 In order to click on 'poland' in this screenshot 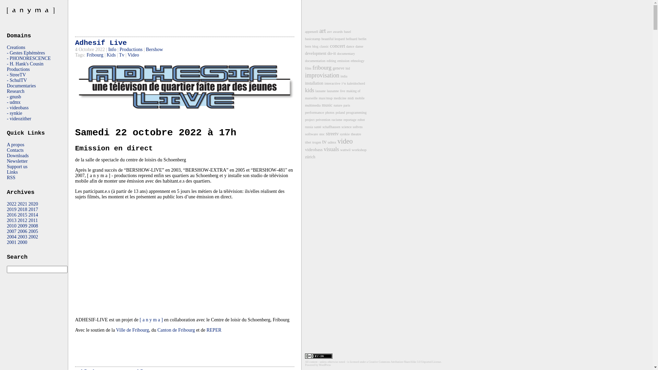, I will do `click(340, 112)`.